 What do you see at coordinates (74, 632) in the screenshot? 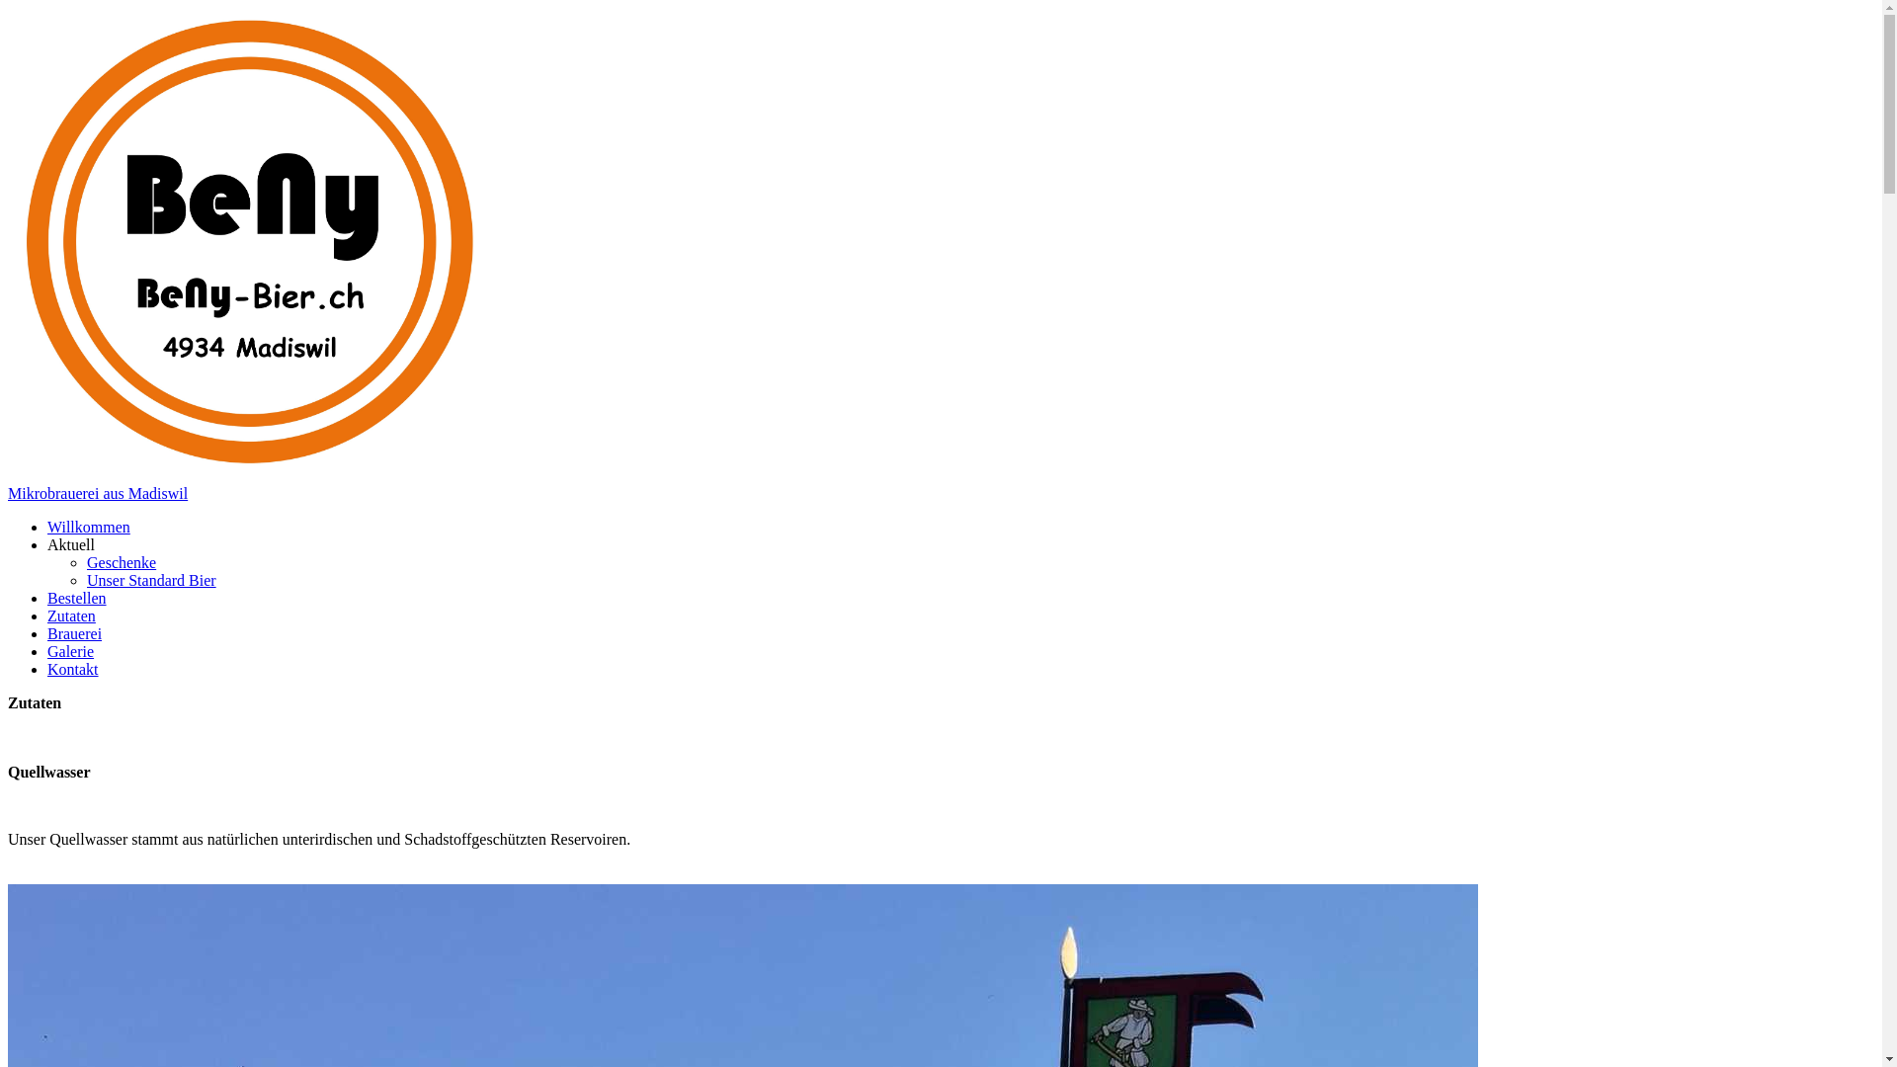
I see `'Brauerei'` at bounding box center [74, 632].